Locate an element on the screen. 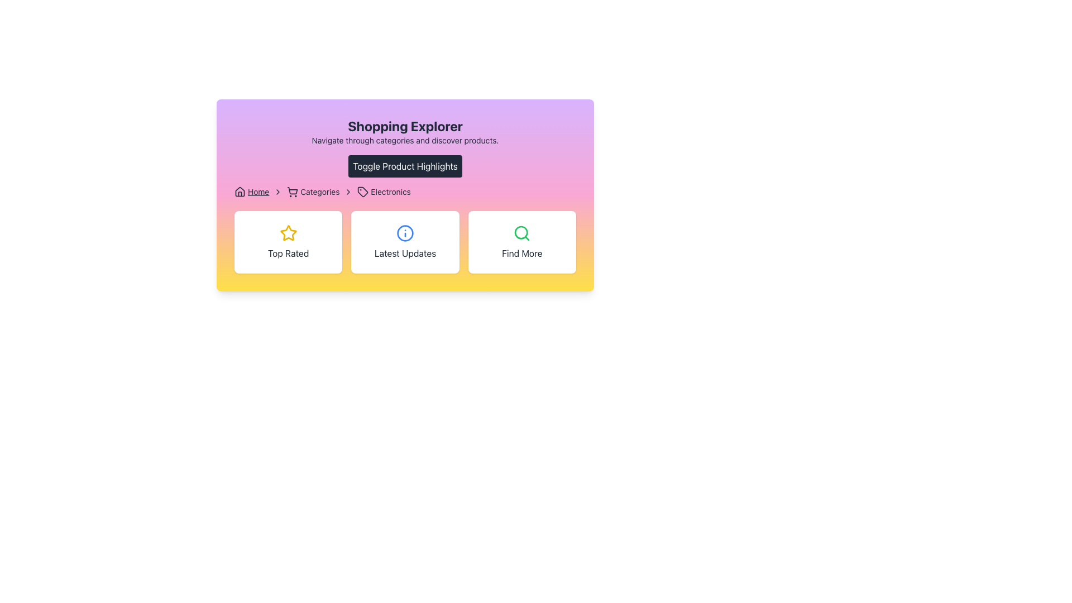 Image resolution: width=1072 pixels, height=603 pixels. the 'Home' icon located at the beginning of the breadcrumb navigation is located at coordinates (240, 191).